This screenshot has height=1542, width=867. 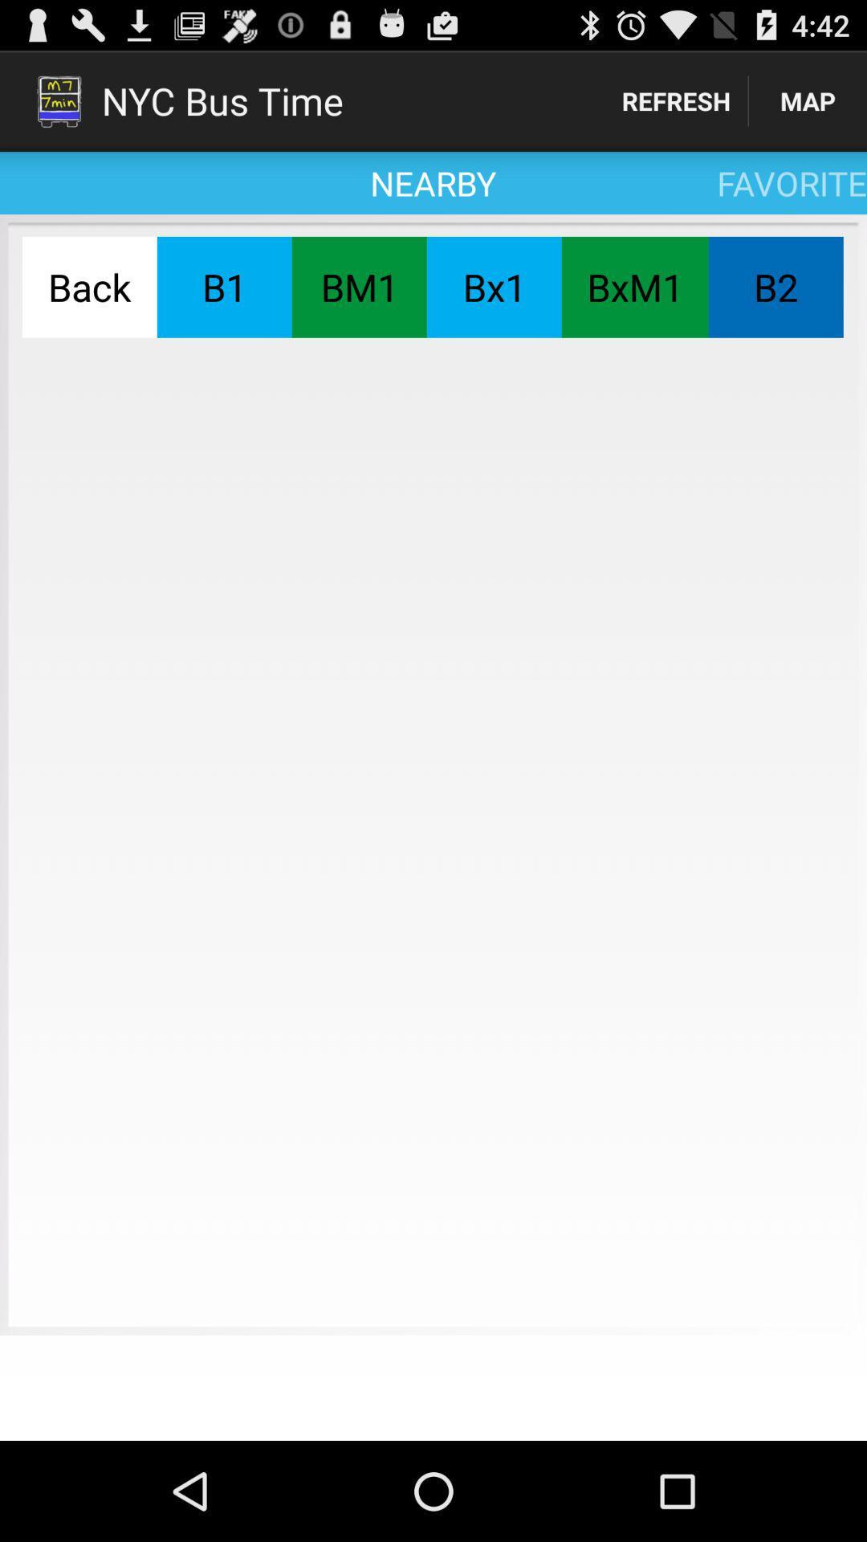 What do you see at coordinates (775, 287) in the screenshot?
I see `b2 icon` at bounding box center [775, 287].